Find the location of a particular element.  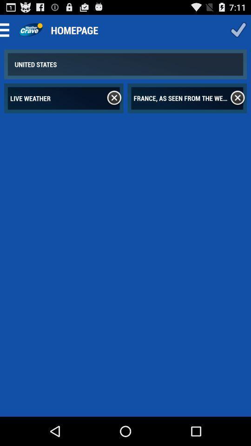

exclude button is located at coordinates (114, 98).